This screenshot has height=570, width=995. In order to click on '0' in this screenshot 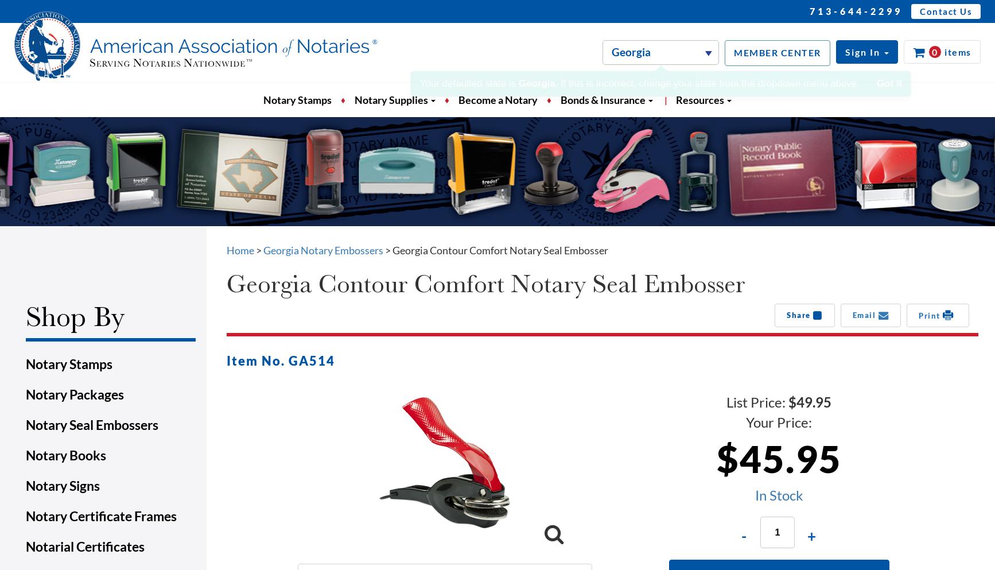, I will do `click(934, 51)`.